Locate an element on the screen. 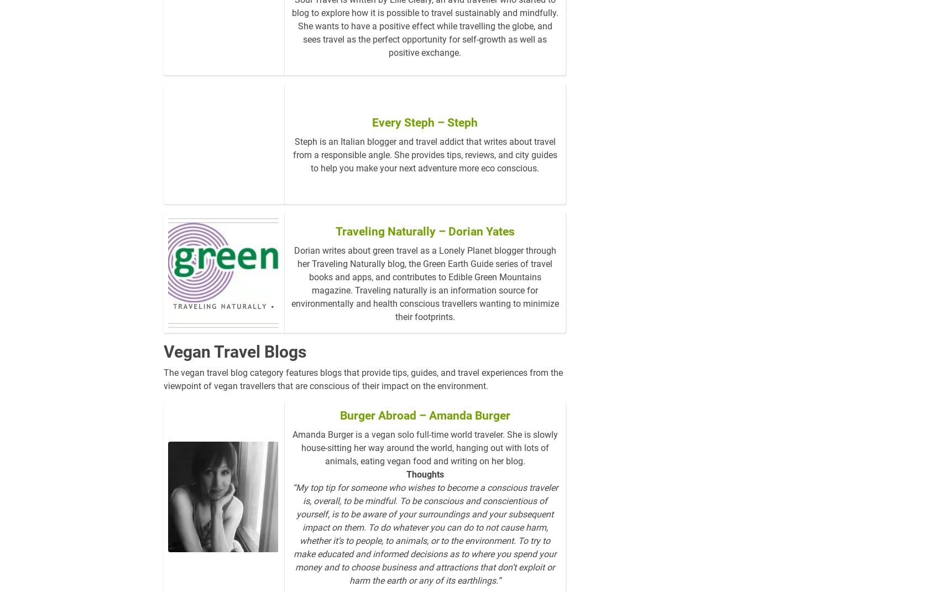 This screenshot has height=592, width=940. 'Dorian writes about green travel as a Lonely Planet blogger through her Traveling Naturally blog, the Green Earth Guide series of travel books and apps, and contributes to Edible Green Mountains magazine. Traveling naturally is an information source for environmentally and health conscious travellers wanting to minimize their footprints.' is located at coordinates (290, 301).